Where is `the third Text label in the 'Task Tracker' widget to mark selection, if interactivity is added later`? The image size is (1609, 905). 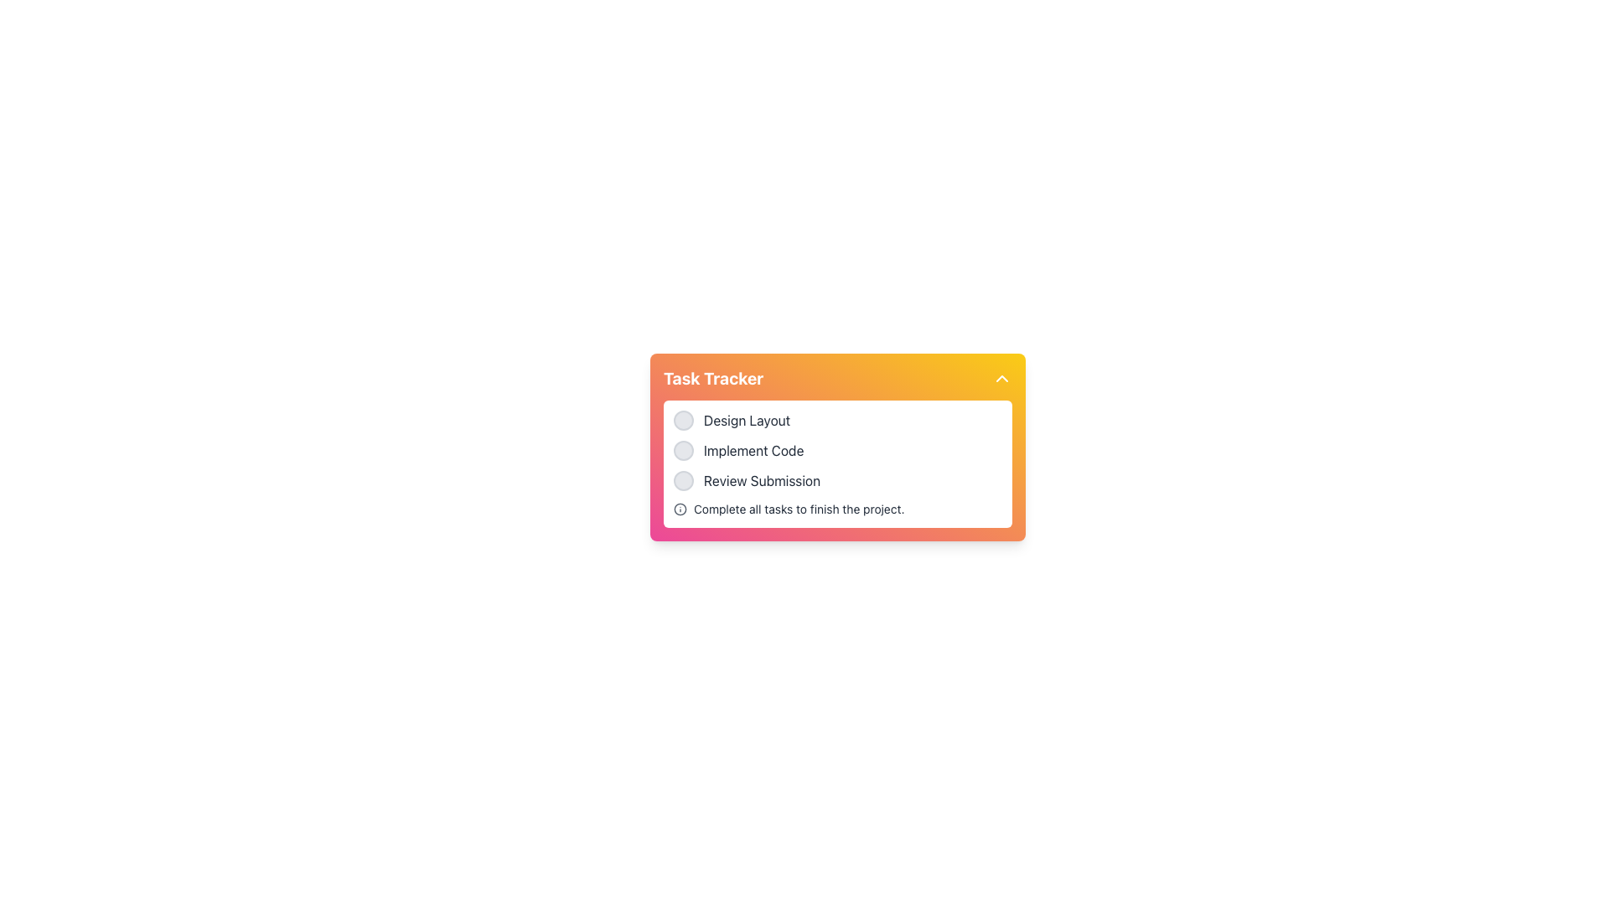 the third Text label in the 'Task Tracker' widget to mark selection, if interactivity is added later is located at coordinates (761, 481).